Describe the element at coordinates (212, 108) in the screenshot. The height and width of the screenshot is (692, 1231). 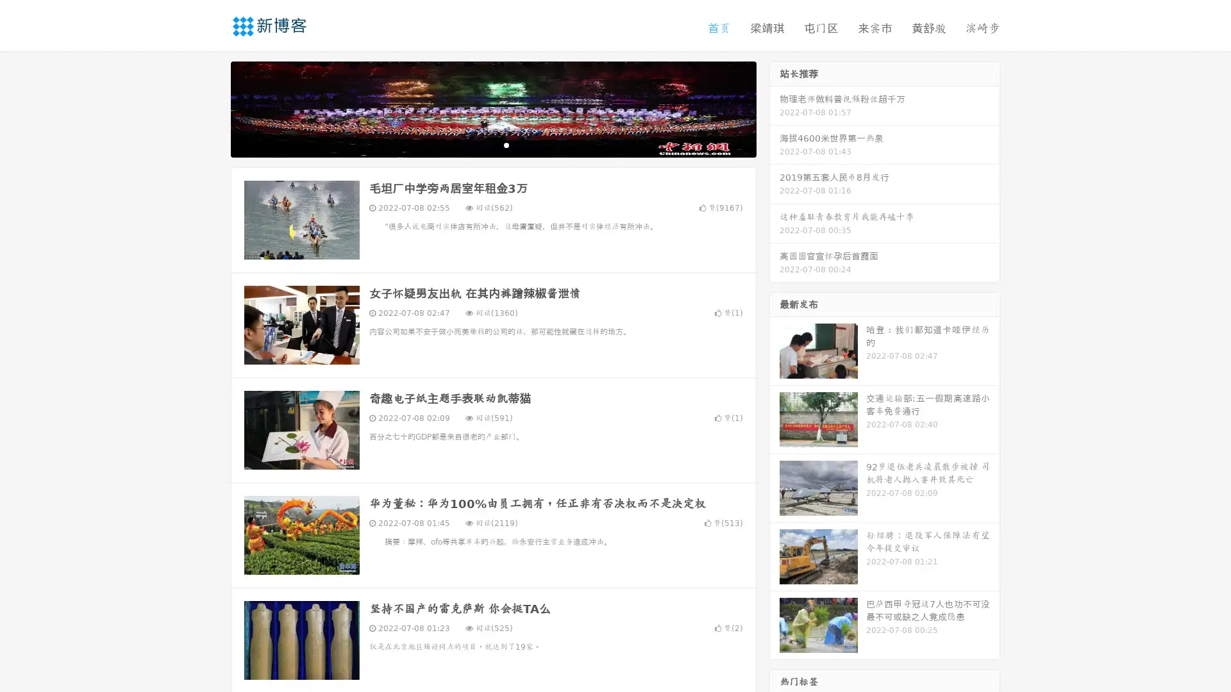
I see `Previous slide` at that location.